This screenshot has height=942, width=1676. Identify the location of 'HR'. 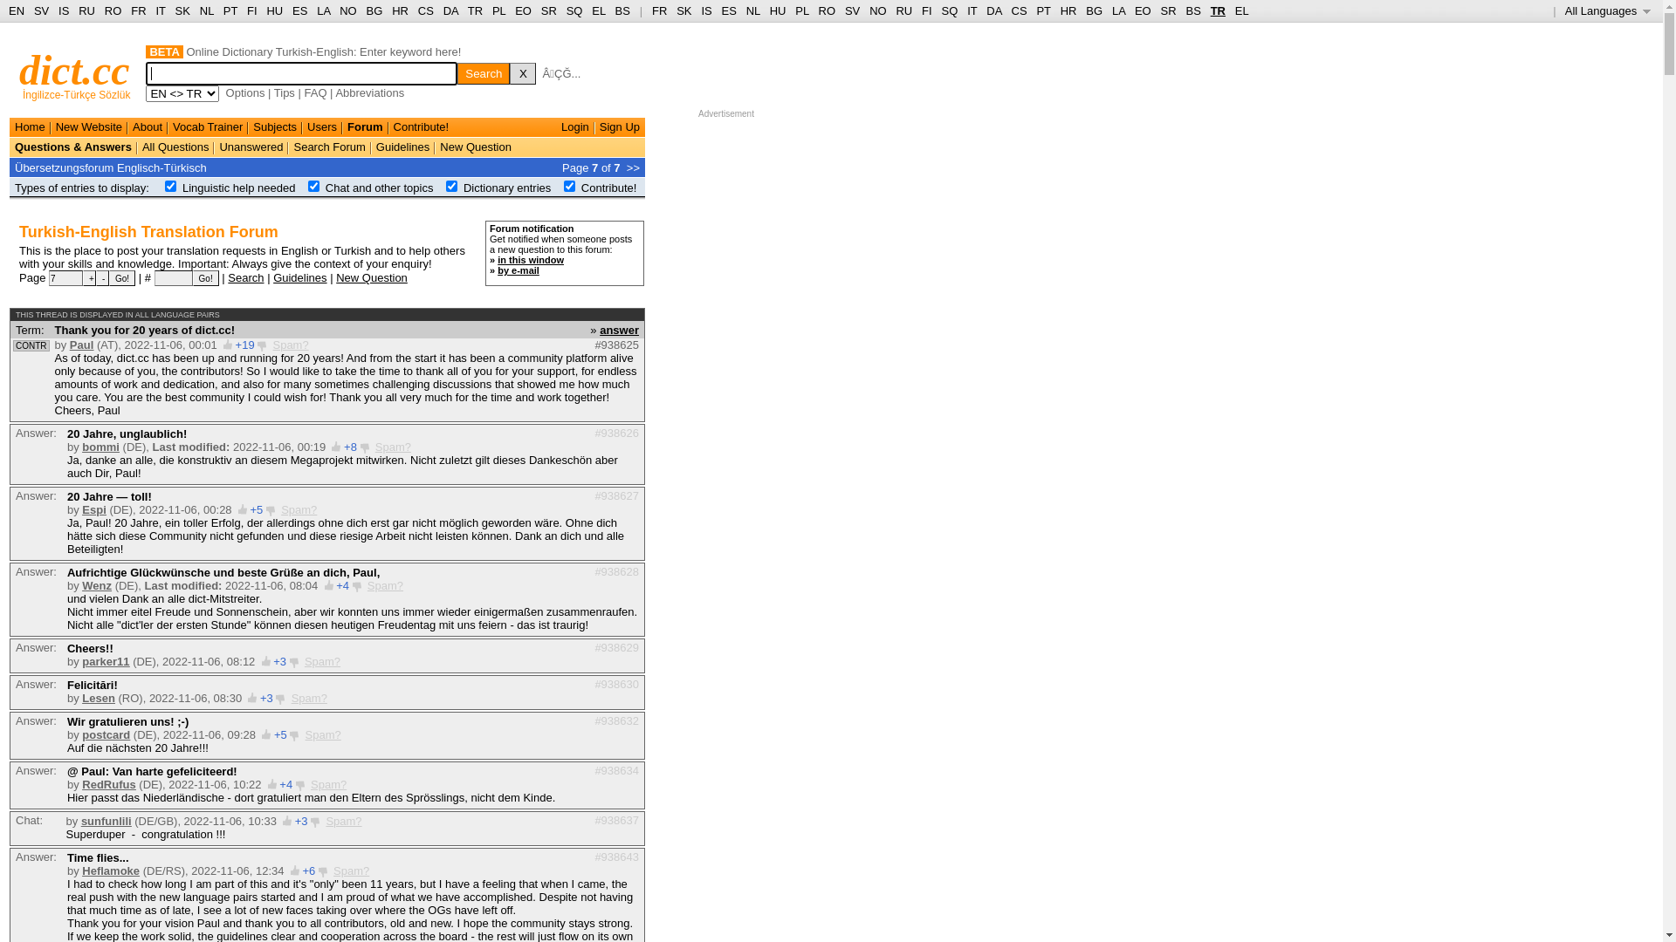
(1059, 10).